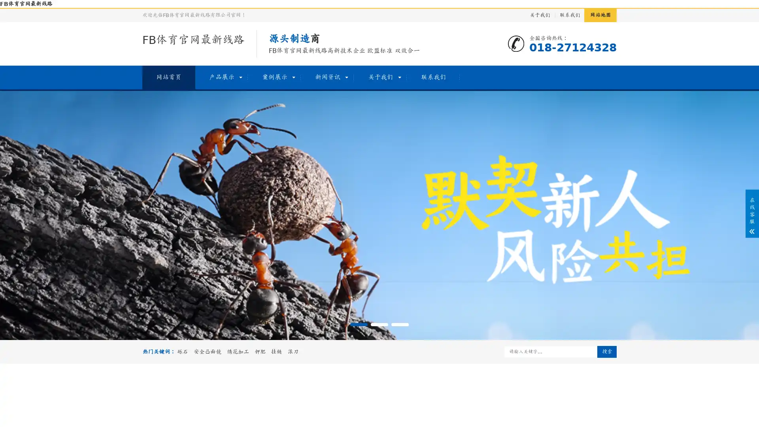 The image size is (759, 427). Describe the element at coordinates (358, 325) in the screenshot. I see `Go to slide 1` at that location.